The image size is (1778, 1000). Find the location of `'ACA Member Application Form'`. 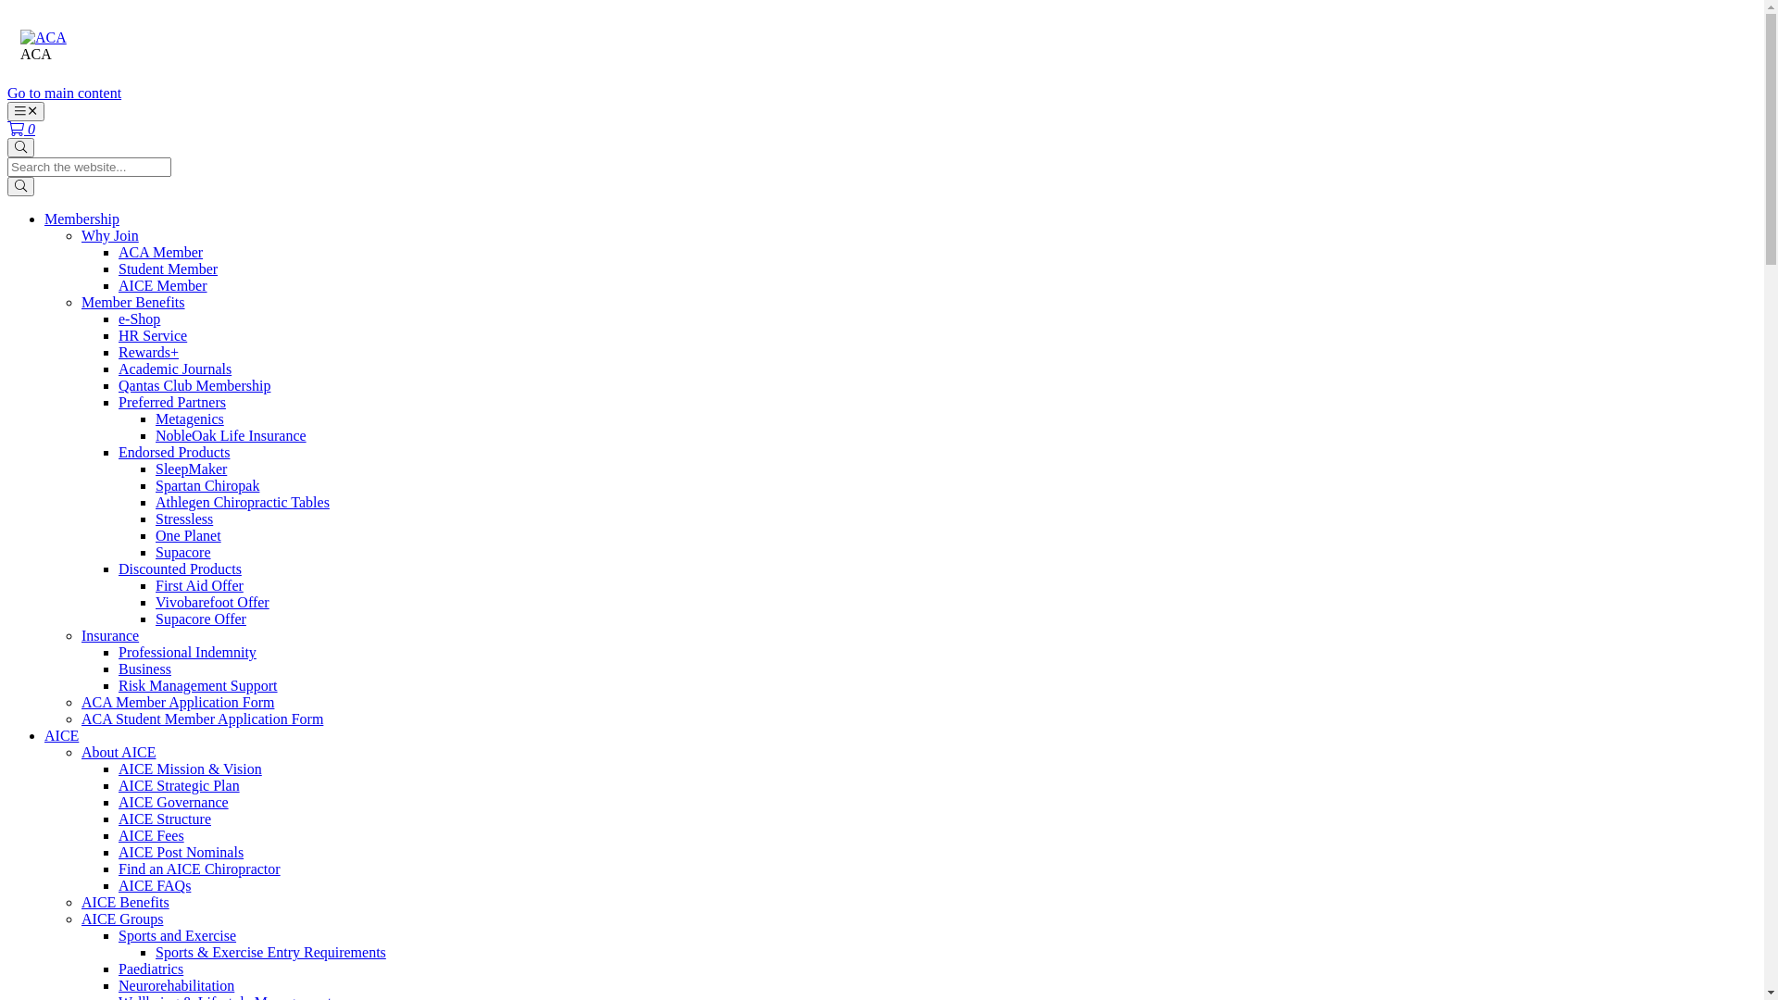

'ACA Member Application Form' is located at coordinates (178, 702).